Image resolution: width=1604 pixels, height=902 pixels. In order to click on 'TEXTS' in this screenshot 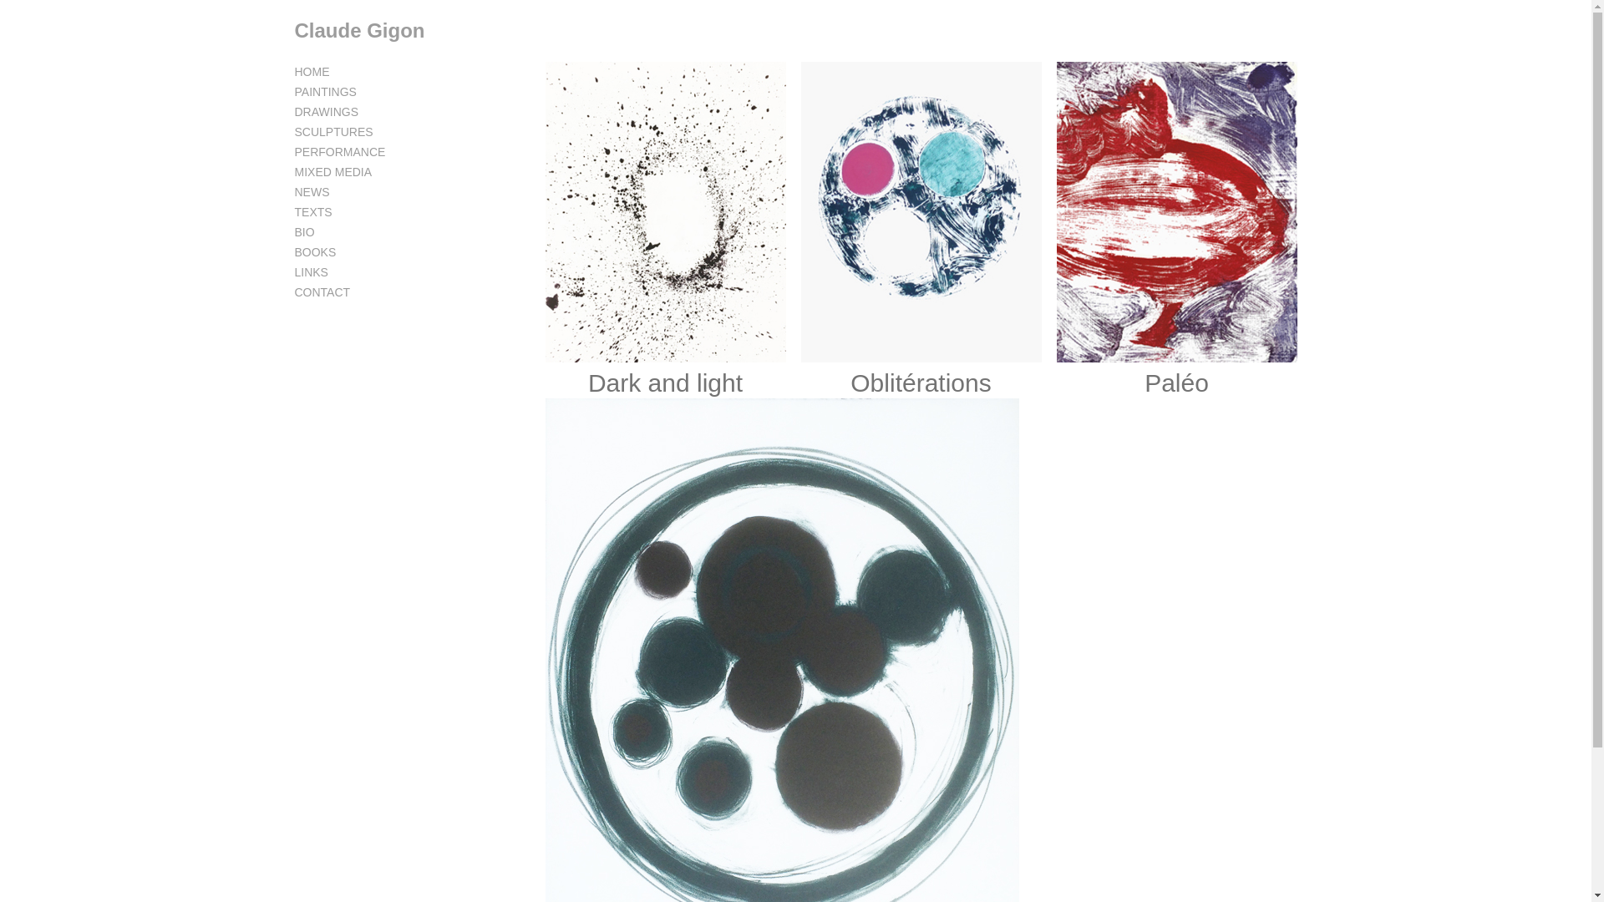, I will do `click(312, 211)`.